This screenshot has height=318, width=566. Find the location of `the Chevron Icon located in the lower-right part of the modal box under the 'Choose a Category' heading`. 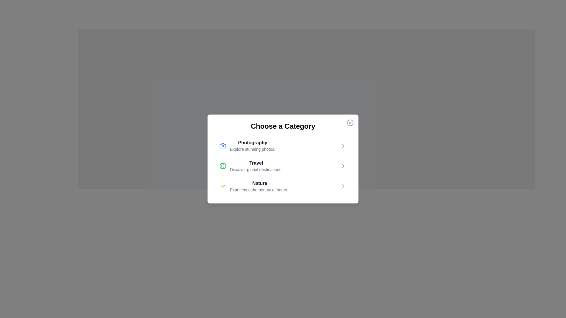

the Chevron Icon located in the lower-right part of the modal box under the 'Choose a Category' heading is located at coordinates (343, 186).